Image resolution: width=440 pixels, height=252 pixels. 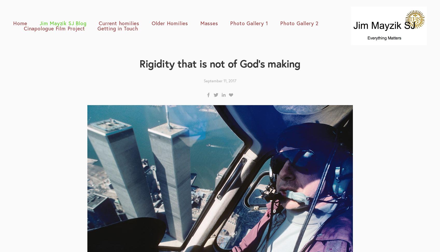 I want to click on 'Home', so click(x=20, y=23).